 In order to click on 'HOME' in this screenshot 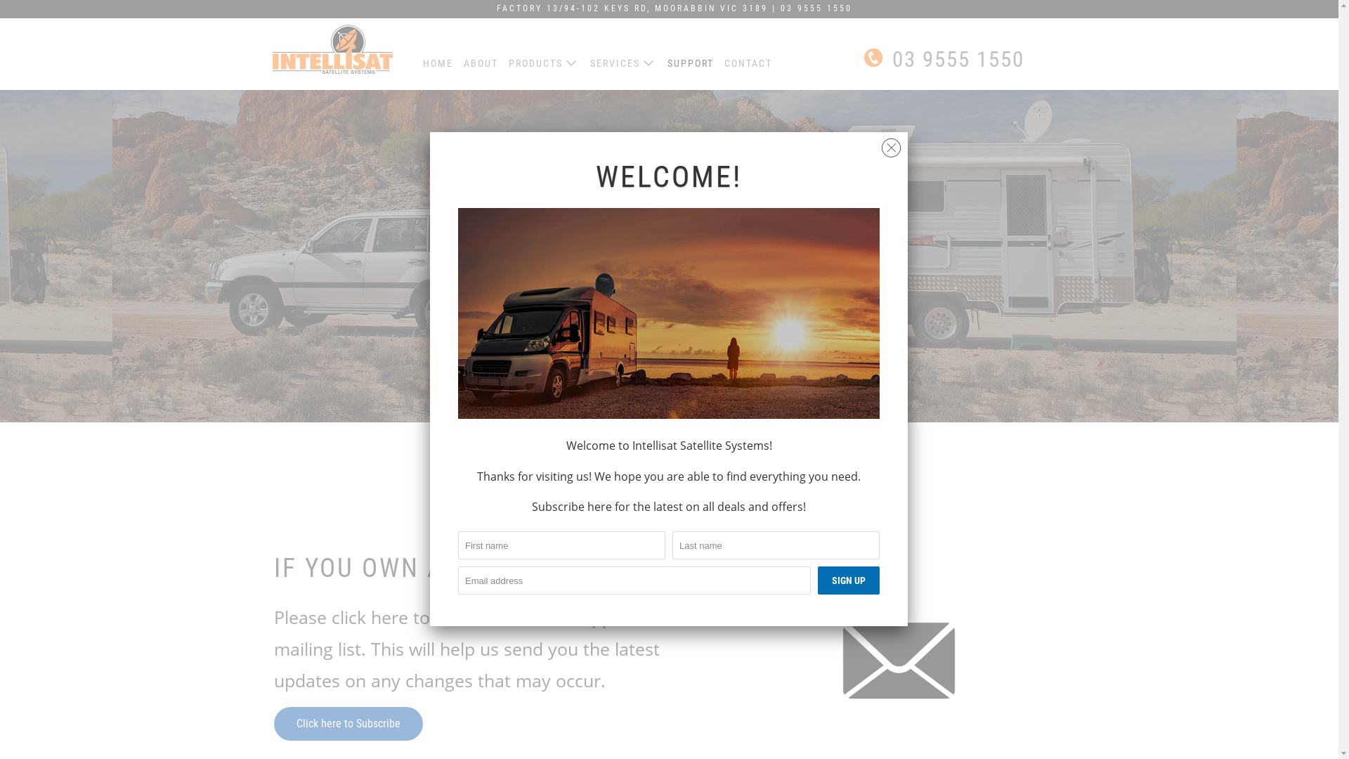, I will do `click(437, 61)`.